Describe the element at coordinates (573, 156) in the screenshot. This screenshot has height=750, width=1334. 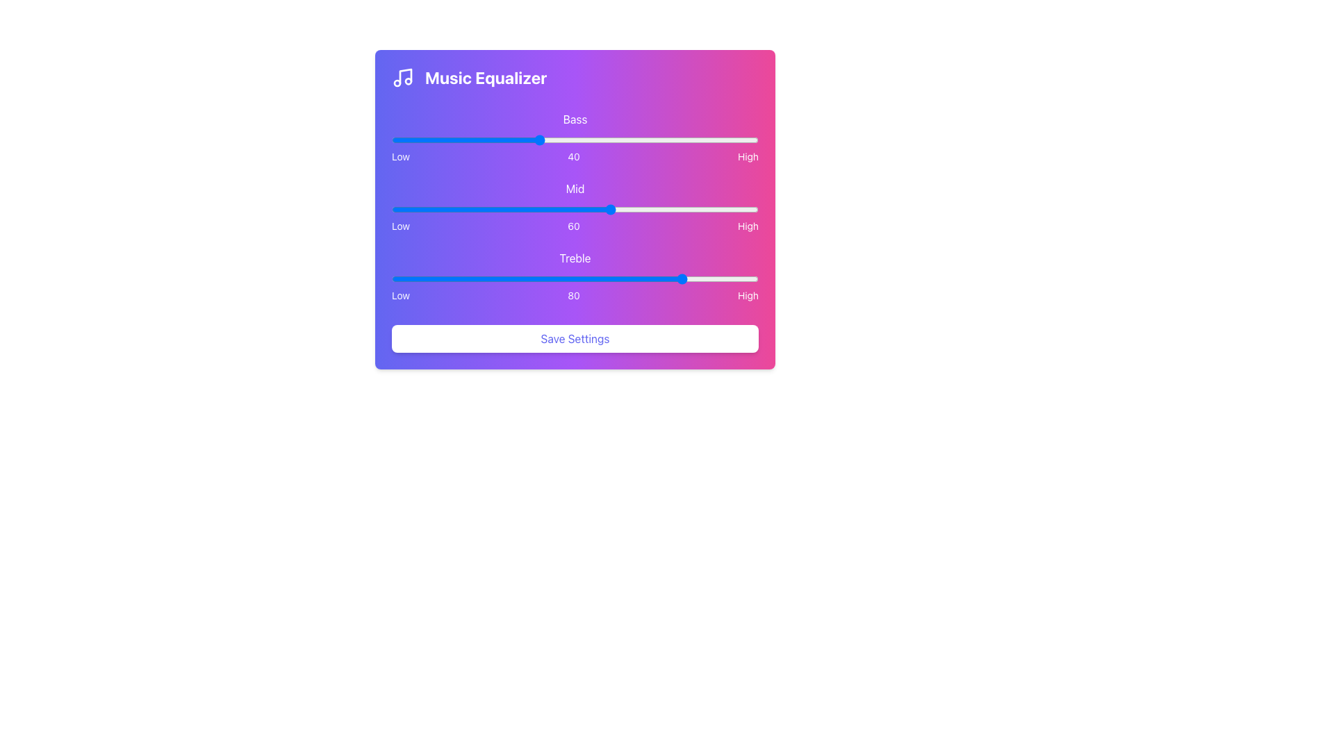
I see `the numeric value display element that is centrally positioned between 'Low' and 'High' in a horizontal alignment, within a card-like interface featuring 'Bass' and 'Mid' sliders` at that location.